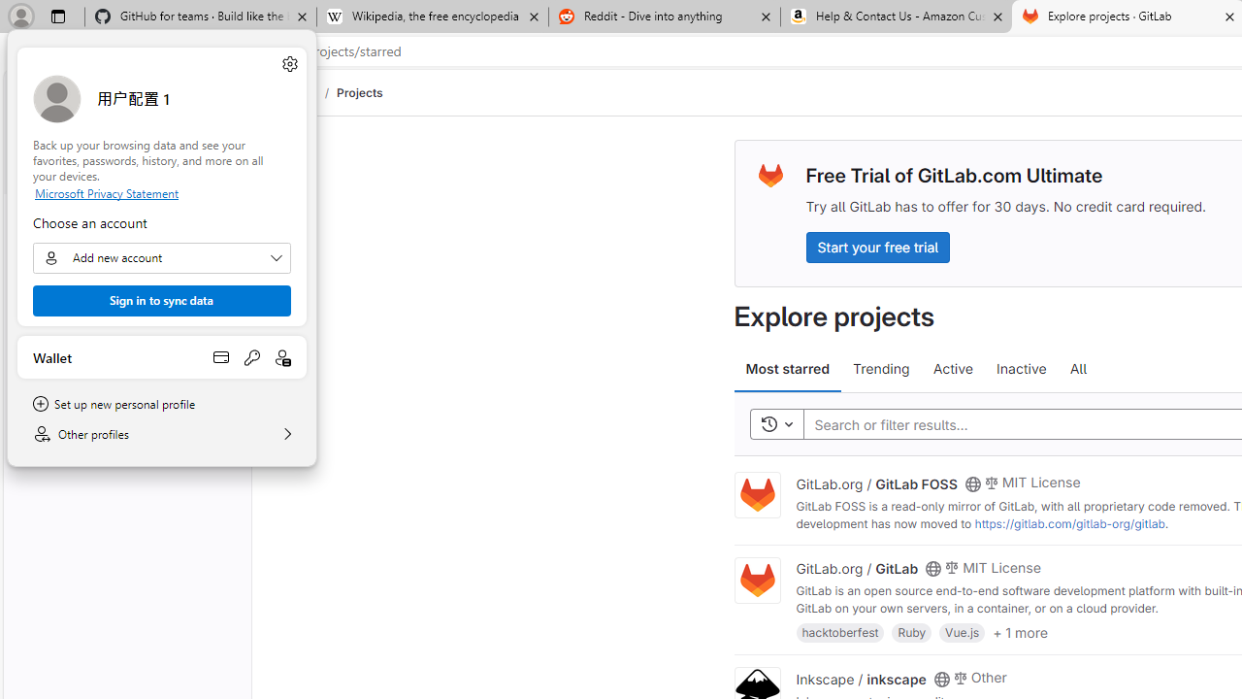 This screenshot has height=699, width=1242. Describe the element at coordinates (880, 369) in the screenshot. I see `'Trending'` at that location.